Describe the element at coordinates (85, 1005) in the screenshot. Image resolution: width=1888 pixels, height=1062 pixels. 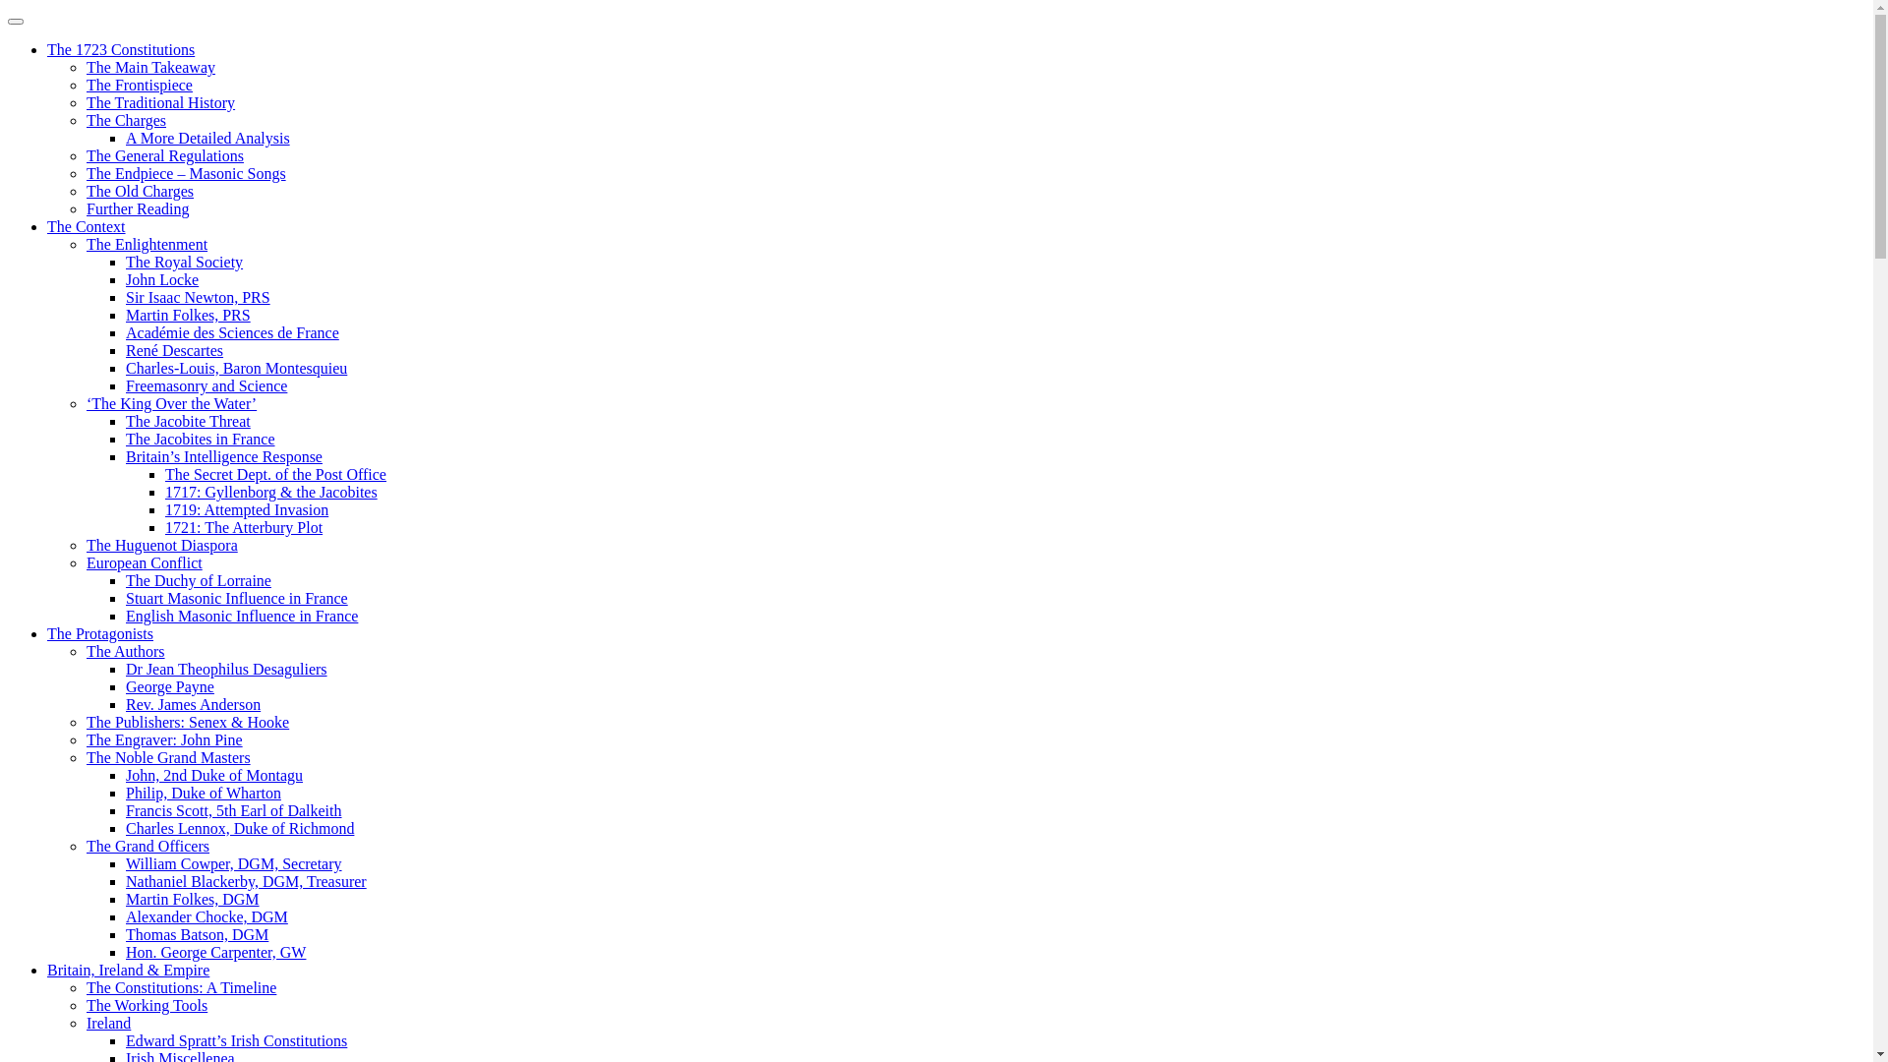
I see `'The Working Tools'` at that location.